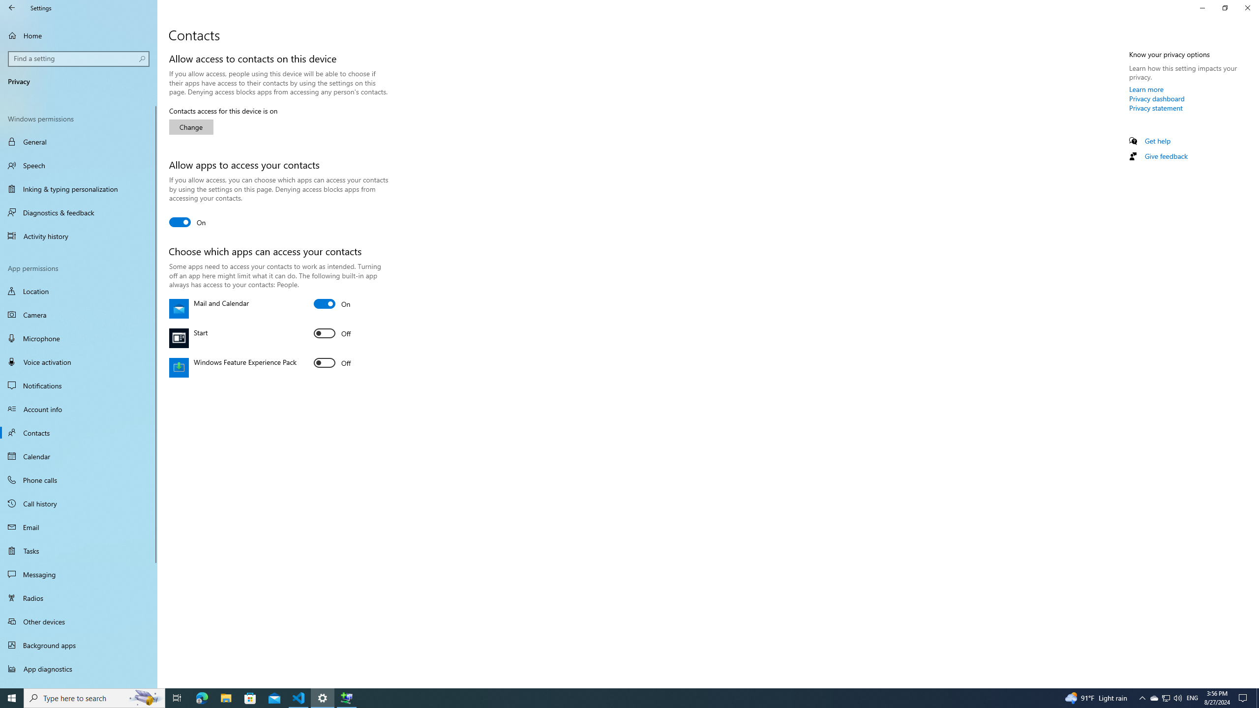  What do you see at coordinates (78, 141) in the screenshot?
I see `'General'` at bounding box center [78, 141].